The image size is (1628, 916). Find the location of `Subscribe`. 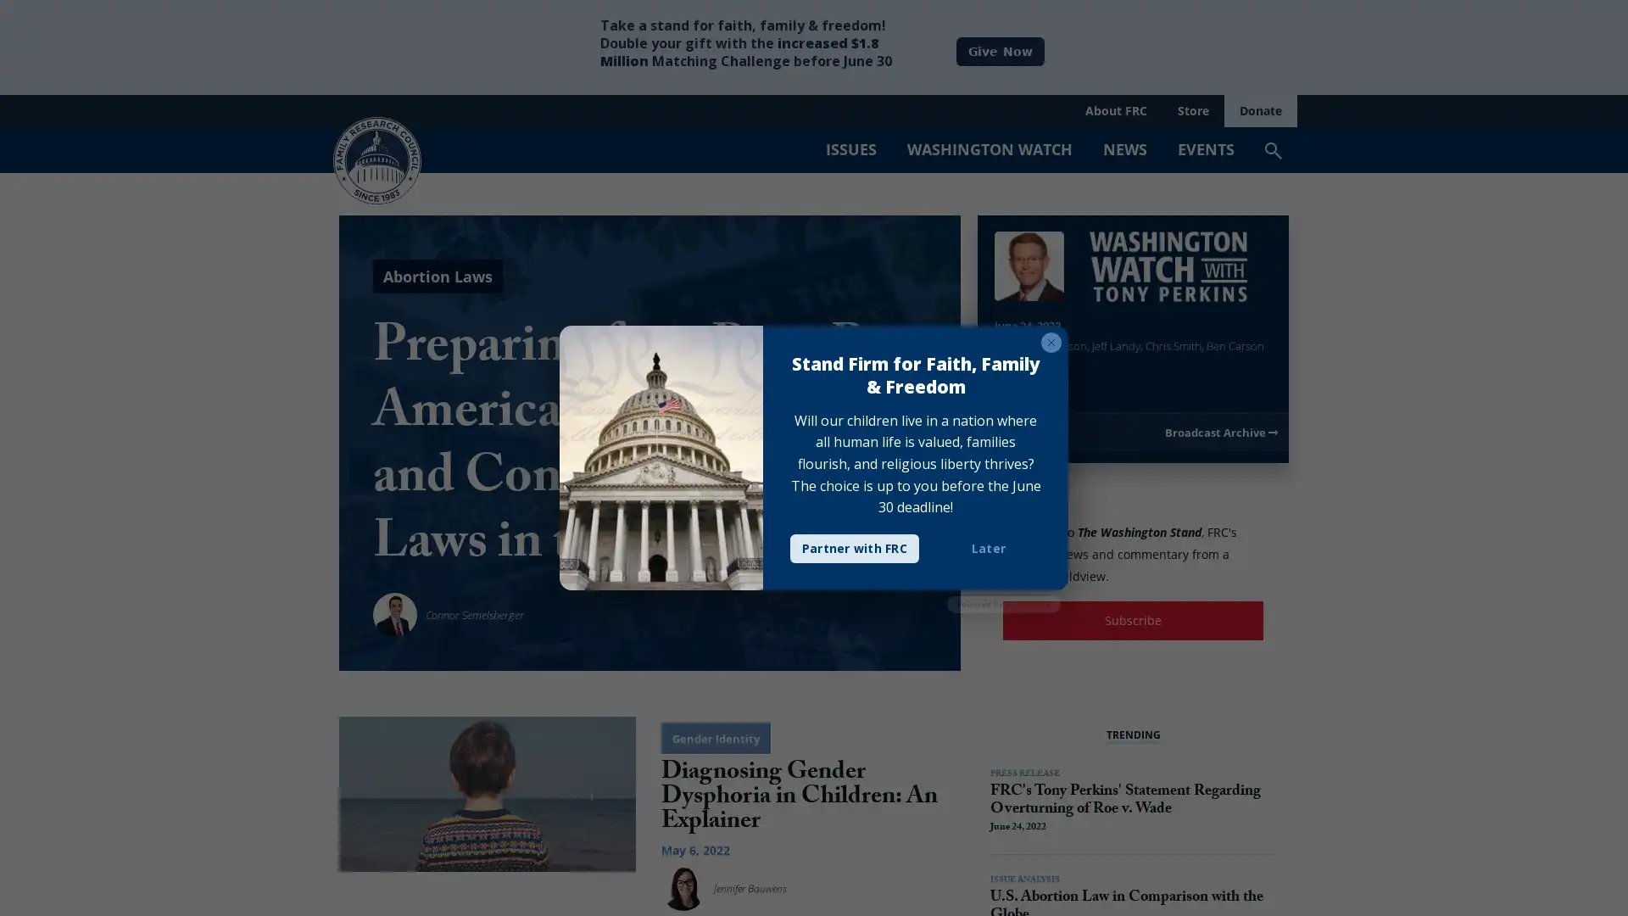

Subscribe is located at coordinates (1133, 620).